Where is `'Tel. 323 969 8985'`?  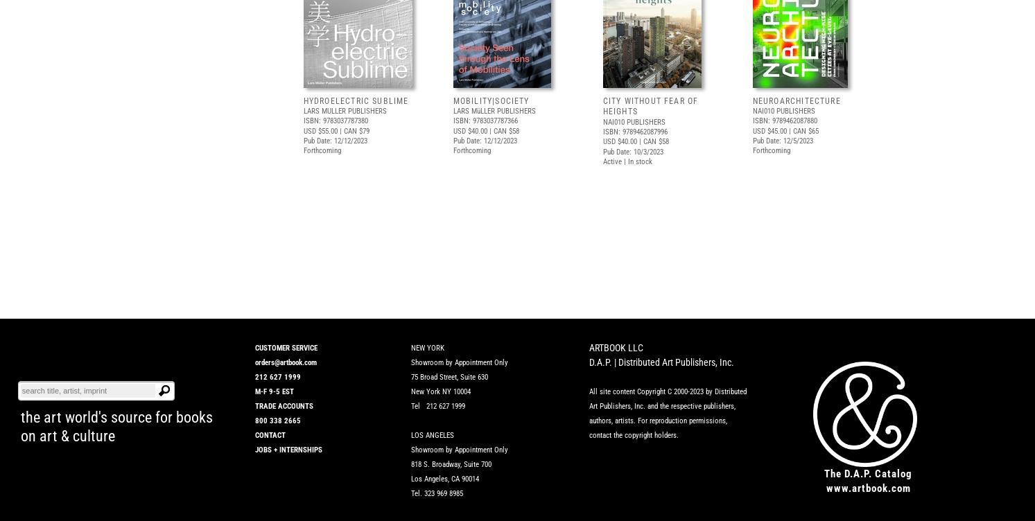 'Tel. 323 969 8985' is located at coordinates (437, 493).